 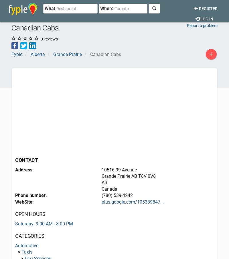 I want to click on 'AB', so click(x=104, y=182).